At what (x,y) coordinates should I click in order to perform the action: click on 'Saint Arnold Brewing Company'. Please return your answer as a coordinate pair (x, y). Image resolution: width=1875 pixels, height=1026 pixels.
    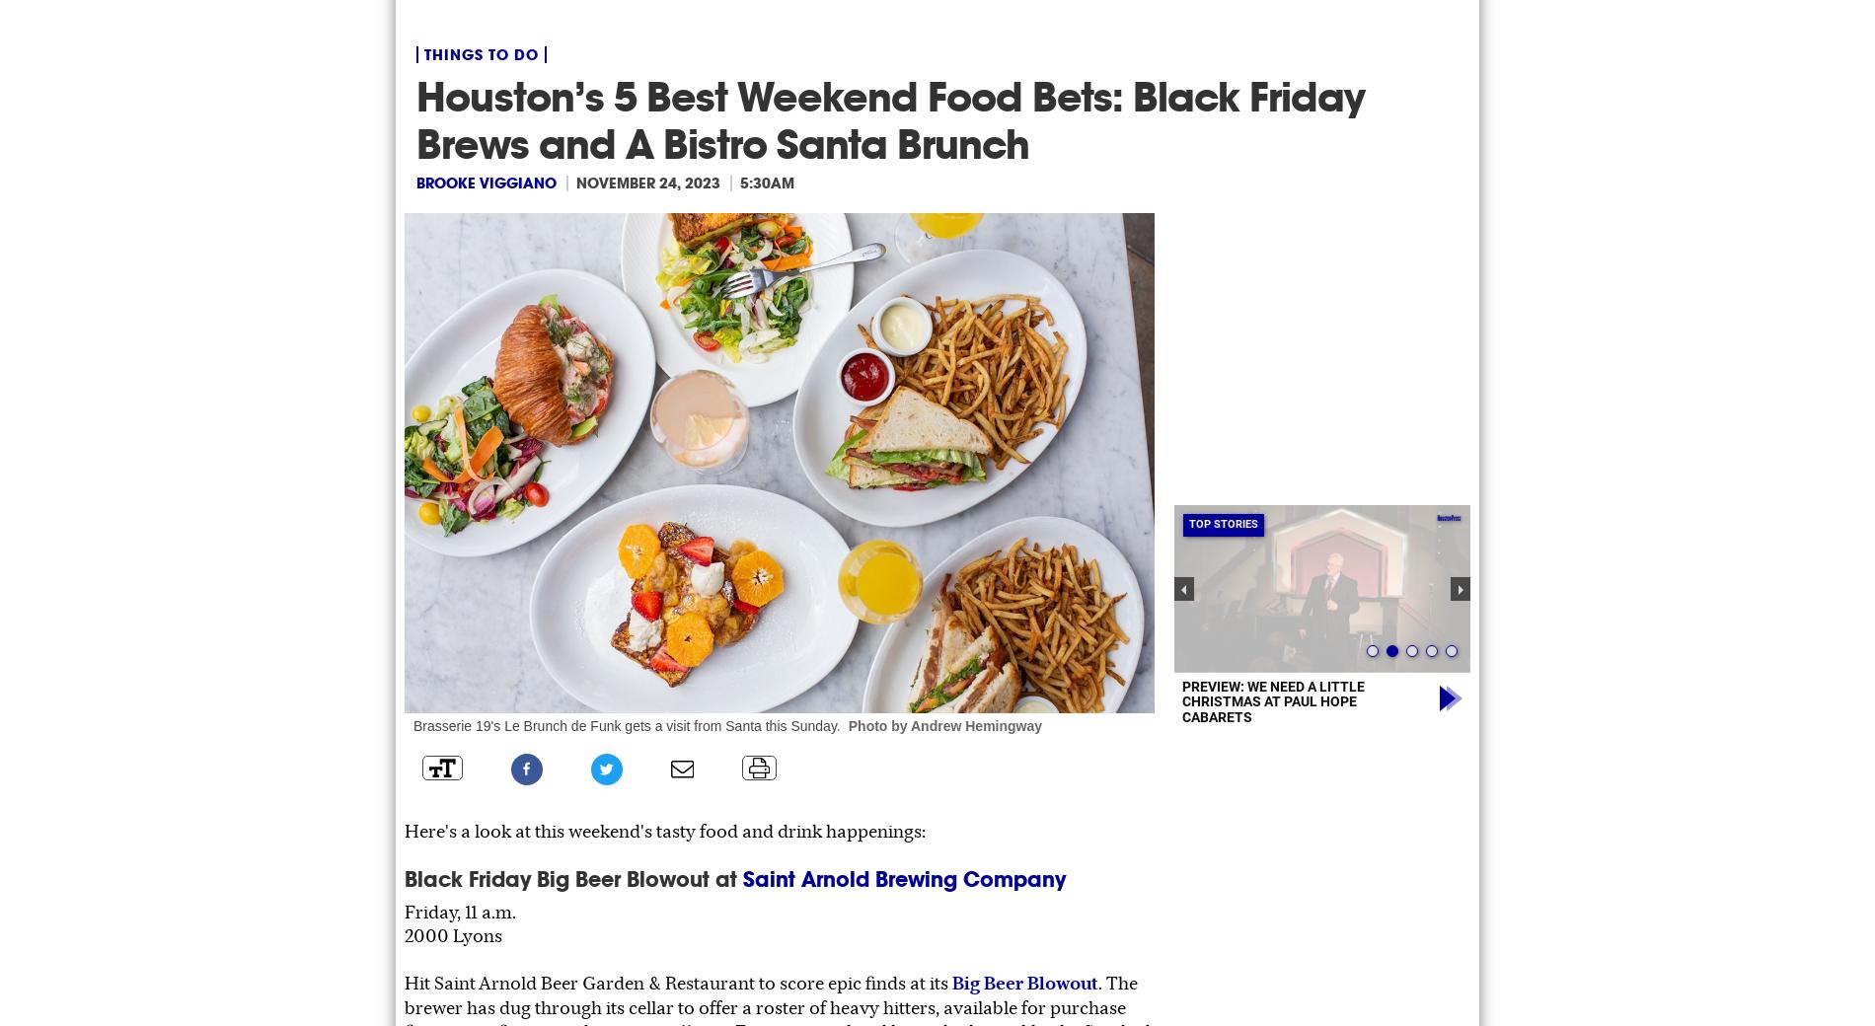
    Looking at the image, I should click on (903, 877).